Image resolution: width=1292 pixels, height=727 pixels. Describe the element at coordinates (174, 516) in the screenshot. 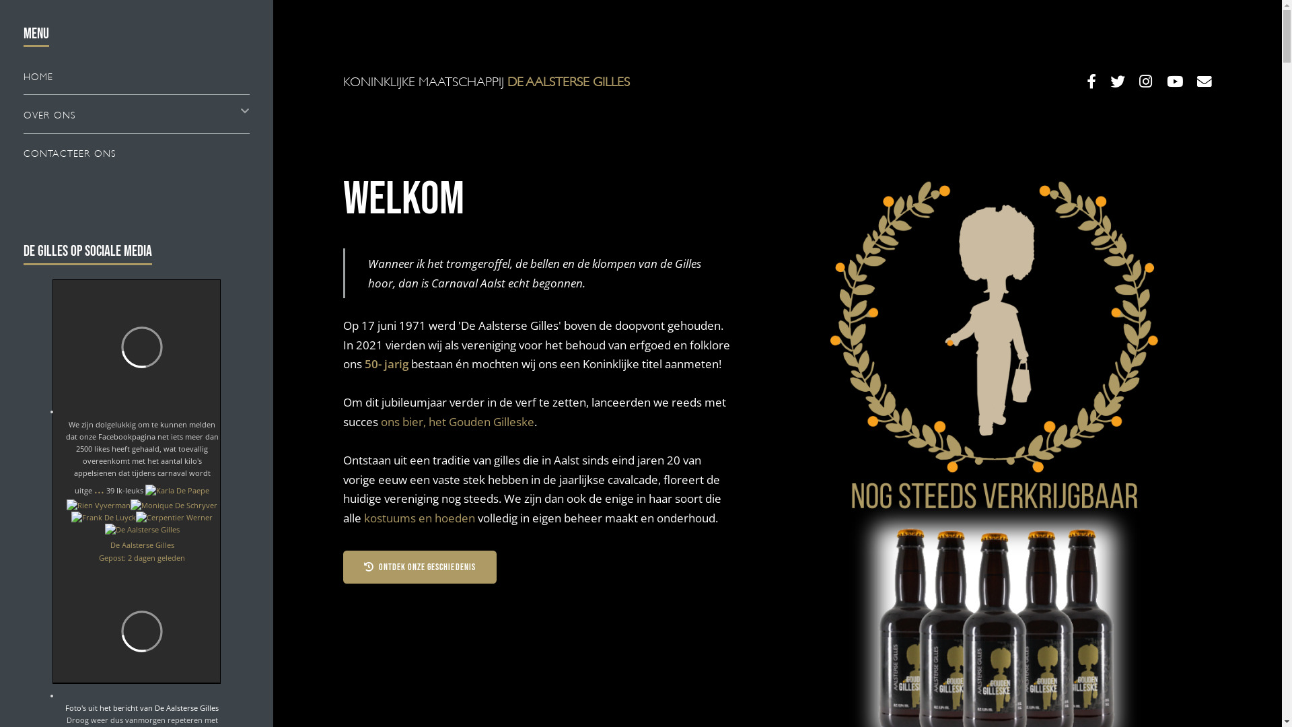

I see `'Cerpentier Werner'` at that location.